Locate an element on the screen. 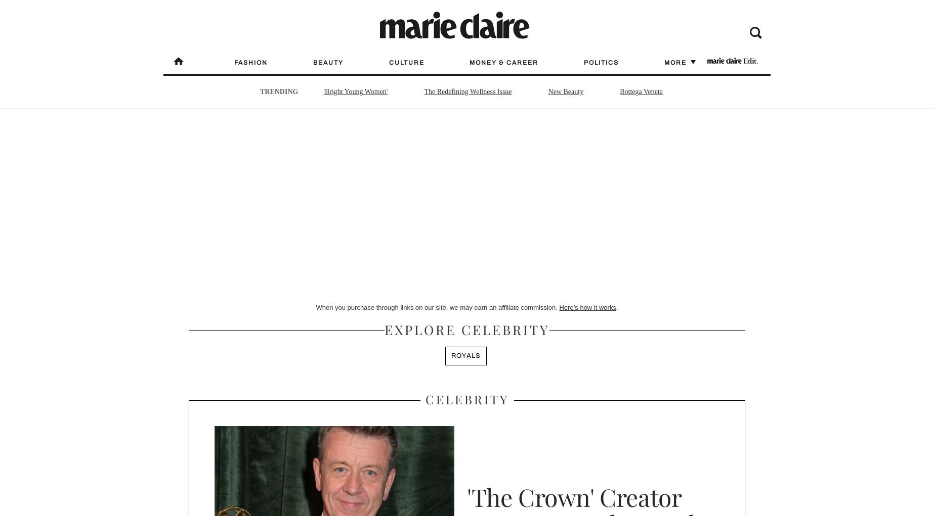 The width and height of the screenshot is (934, 516). 'Trending' is located at coordinates (278, 91).